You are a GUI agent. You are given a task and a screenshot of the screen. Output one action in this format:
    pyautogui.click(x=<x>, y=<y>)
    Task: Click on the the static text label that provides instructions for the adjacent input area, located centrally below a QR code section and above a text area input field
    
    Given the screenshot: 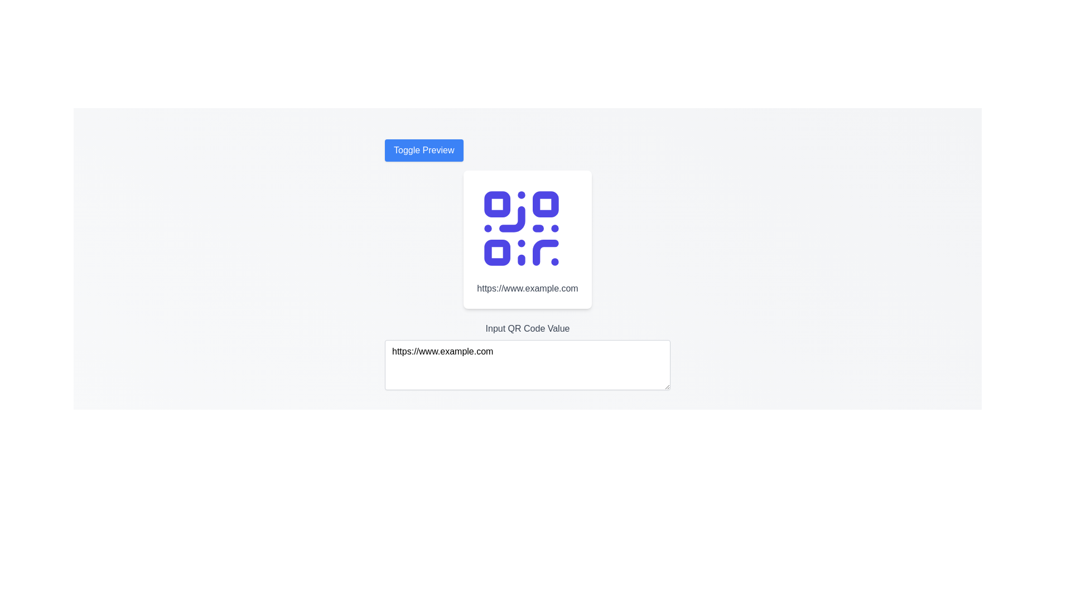 What is the action you would take?
    pyautogui.click(x=527, y=328)
    